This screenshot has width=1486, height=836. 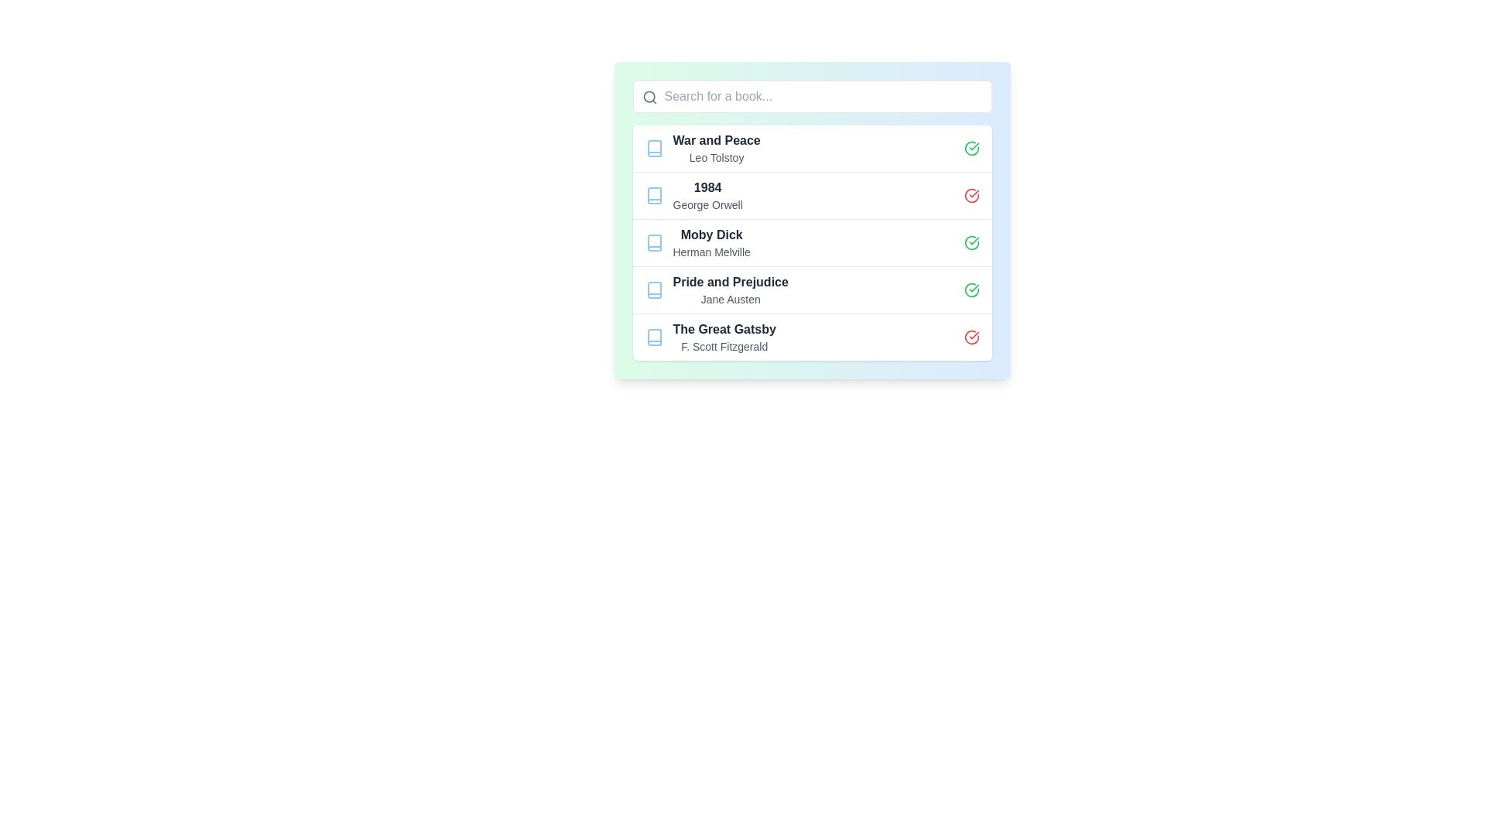 I want to click on the book icon located to the left of the text 'War and Peace' in the first item of a vertical list, so click(x=654, y=149).